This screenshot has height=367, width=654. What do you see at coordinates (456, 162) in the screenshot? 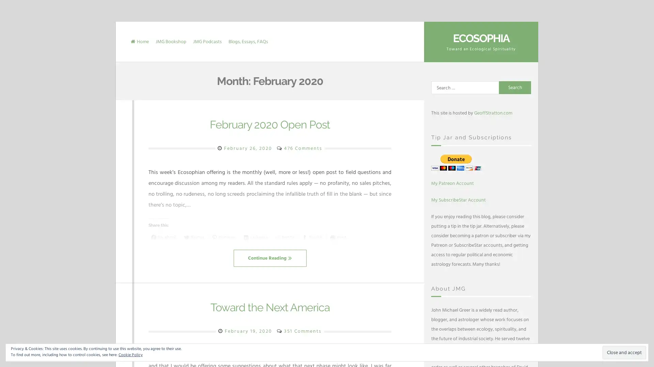
I see `PayPal - The safer, easier way to pay online!` at bounding box center [456, 162].